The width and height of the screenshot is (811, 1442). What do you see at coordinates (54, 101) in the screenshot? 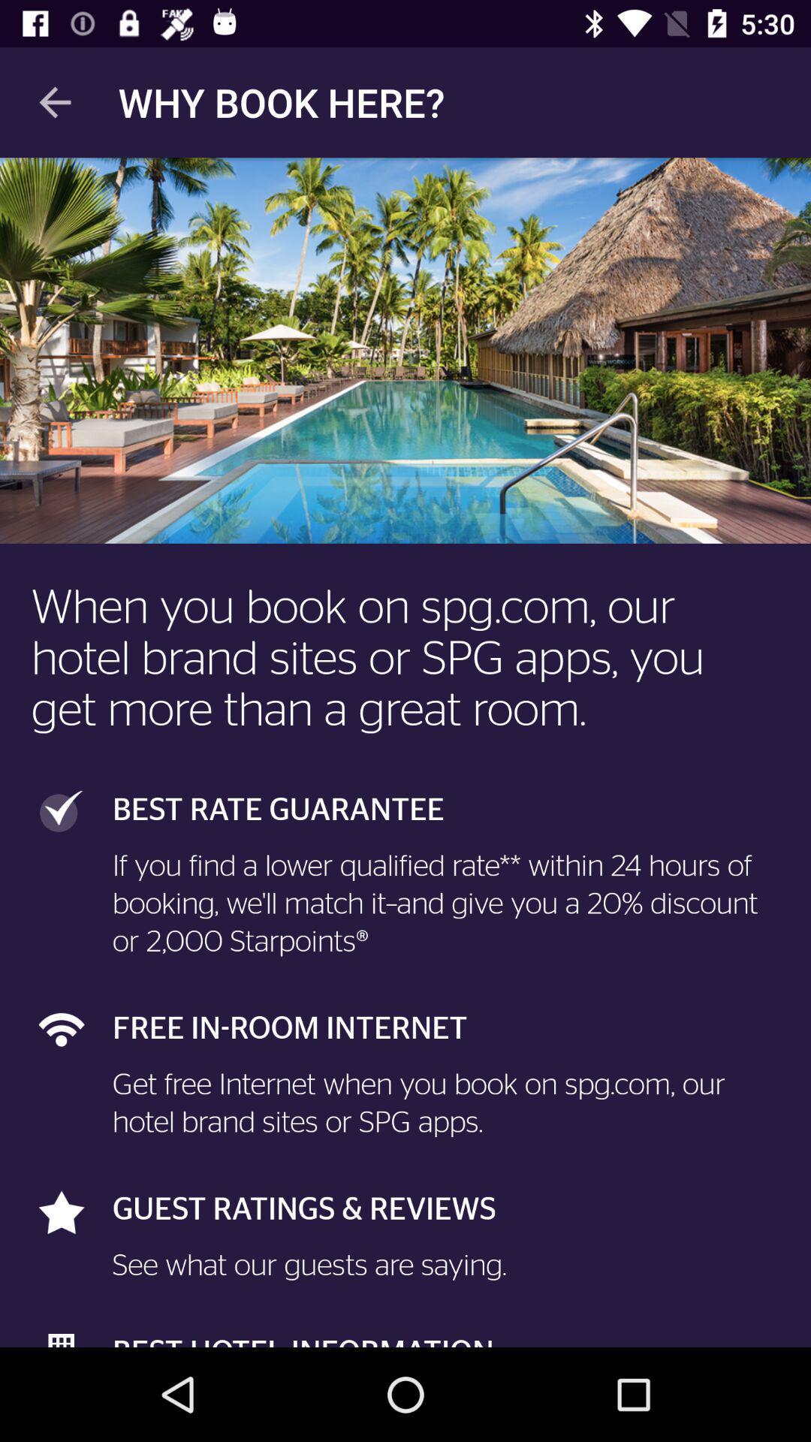
I see `icon at the top left corner` at bounding box center [54, 101].